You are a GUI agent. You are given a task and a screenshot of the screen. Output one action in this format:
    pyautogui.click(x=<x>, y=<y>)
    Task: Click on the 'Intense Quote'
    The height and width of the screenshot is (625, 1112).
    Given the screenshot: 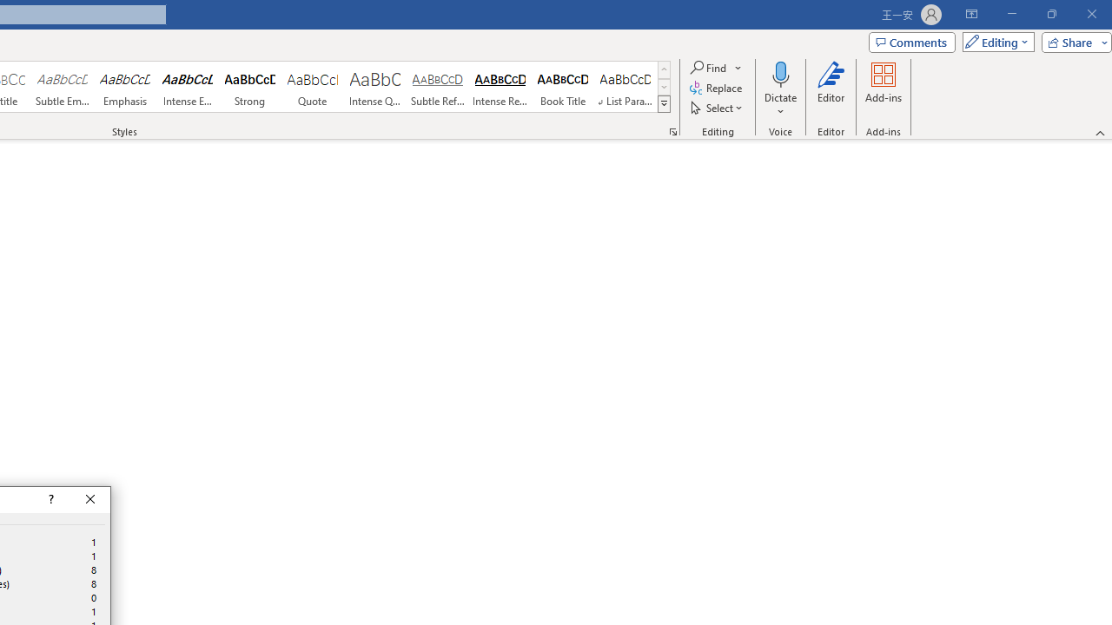 What is the action you would take?
    pyautogui.click(x=374, y=87)
    